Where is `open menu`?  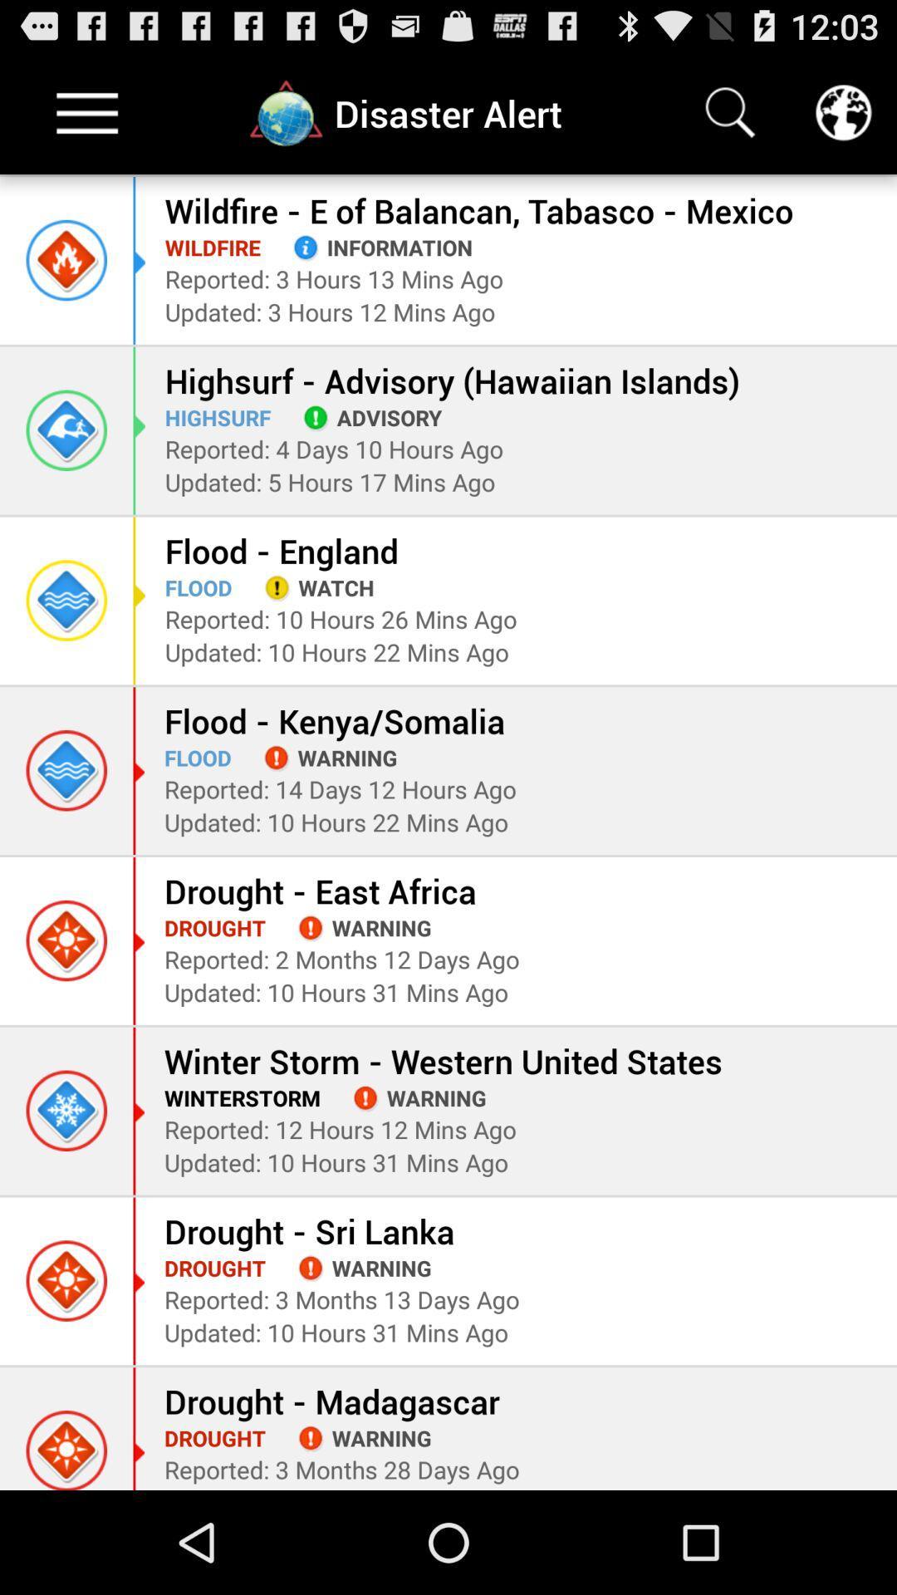
open menu is located at coordinates (87, 112).